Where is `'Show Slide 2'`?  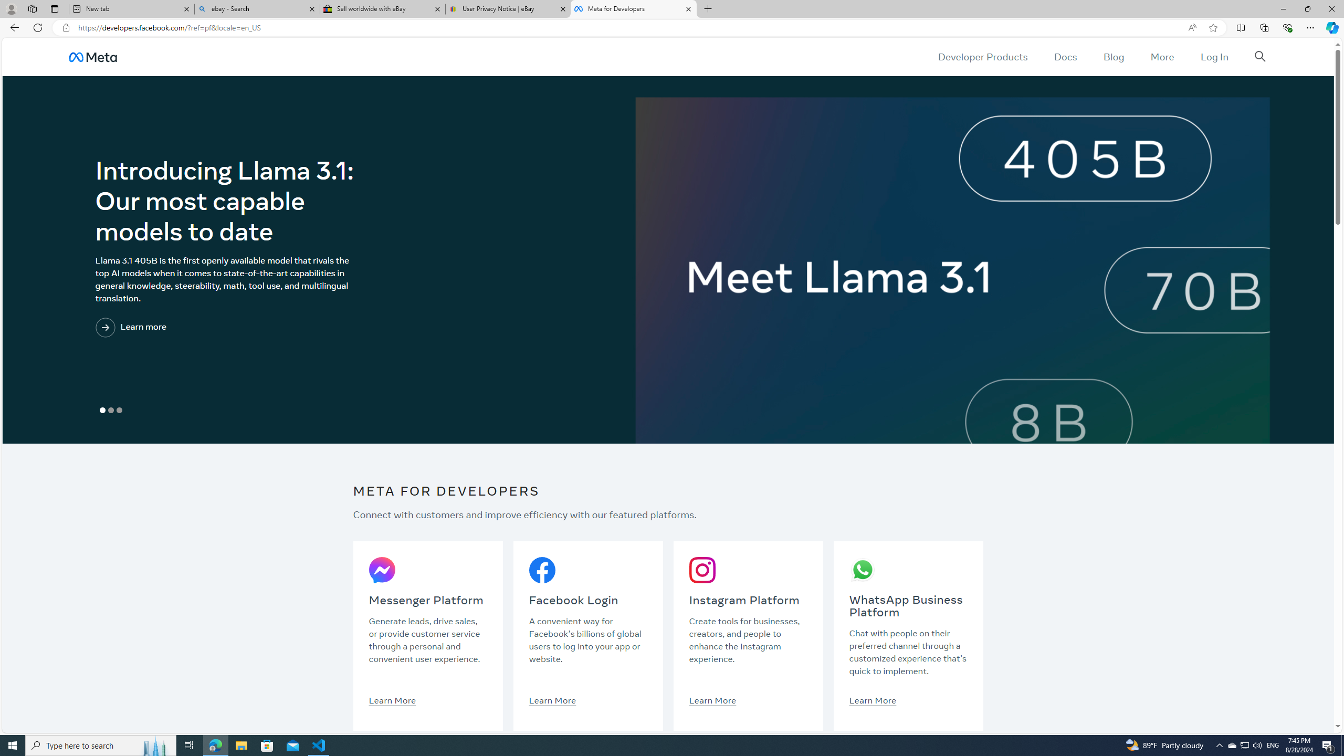 'Show Slide 2' is located at coordinates (111, 410).